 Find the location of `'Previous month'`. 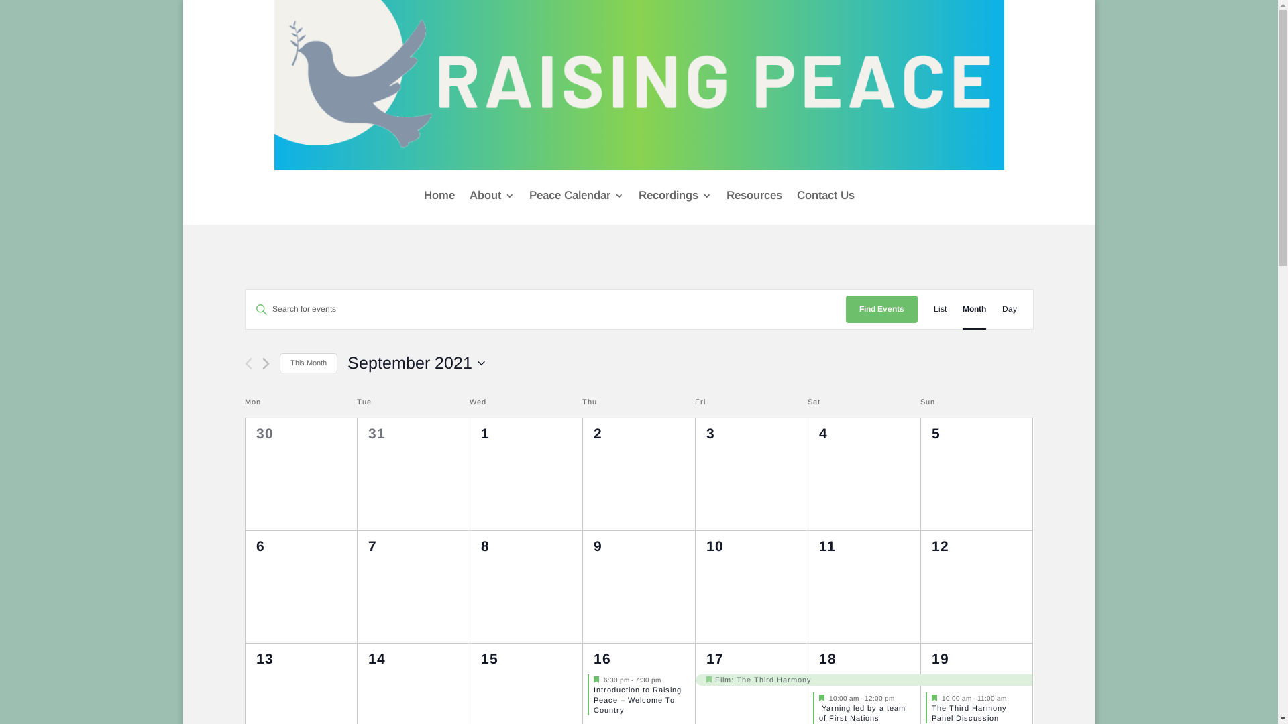

'Previous month' is located at coordinates (244, 363).